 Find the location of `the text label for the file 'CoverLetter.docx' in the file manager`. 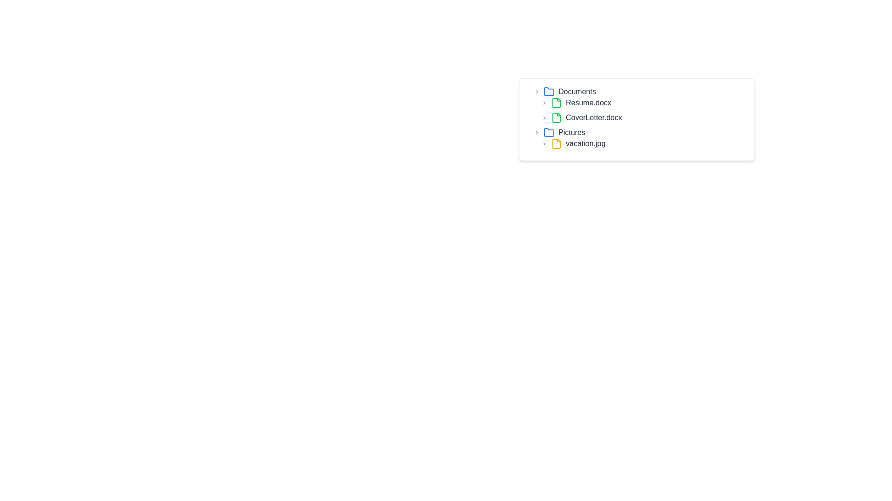

the text label for the file 'CoverLetter.docx' in the file manager is located at coordinates (593, 117).